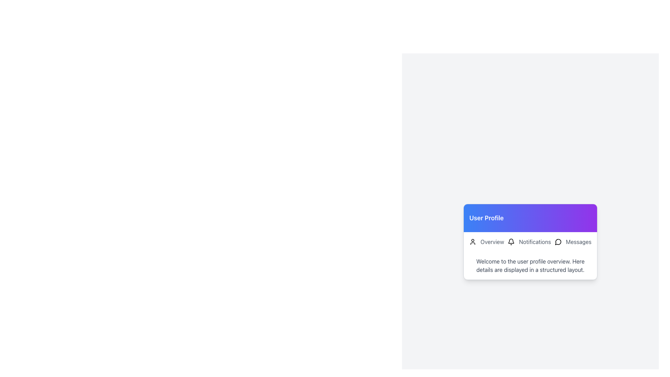 Image resolution: width=670 pixels, height=377 pixels. Describe the element at coordinates (530, 265) in the screenshot. I see `the text label that provides context for the user profile section, located centrally at the bottom of the 'User Profile' card component` at that location.